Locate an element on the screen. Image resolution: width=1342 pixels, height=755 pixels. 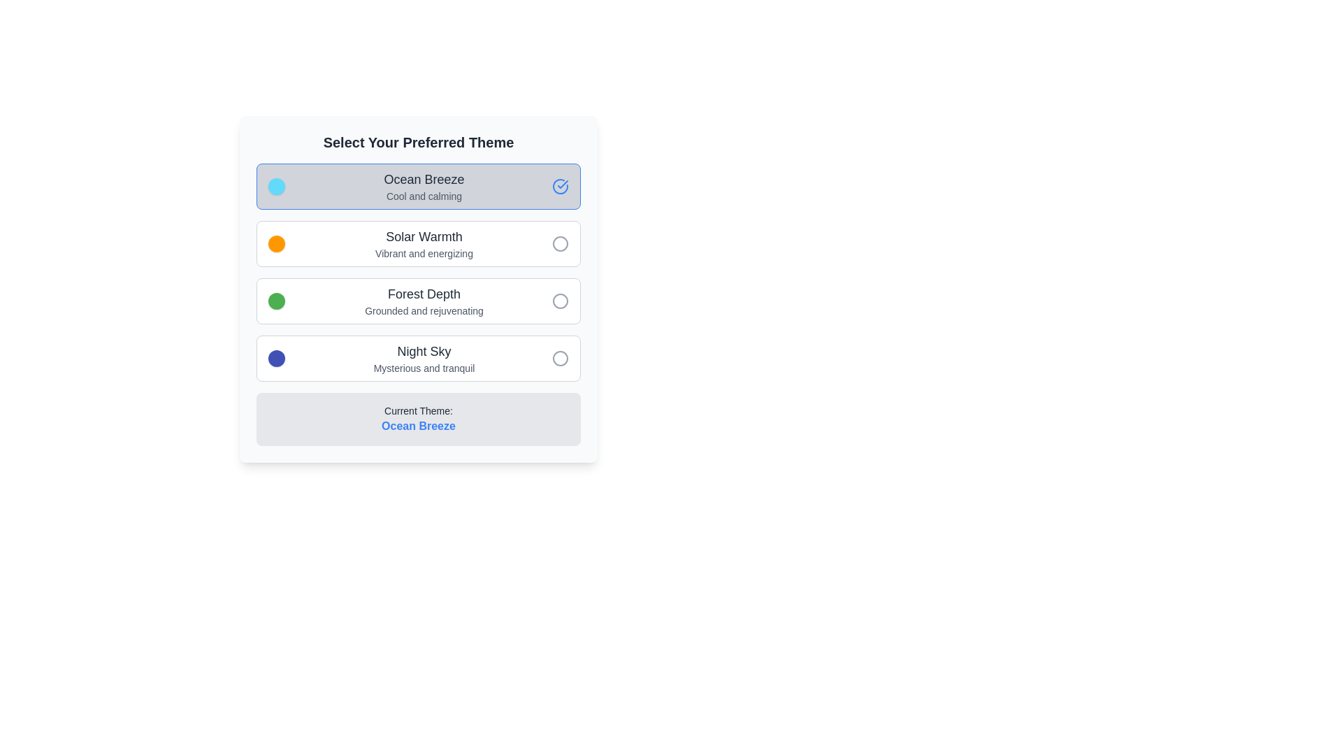
the 'Solar Warmth' theme icon, which is positioned at the left end of the theme option, adjacent to its descriptive text is located at coordinates (276, 243).